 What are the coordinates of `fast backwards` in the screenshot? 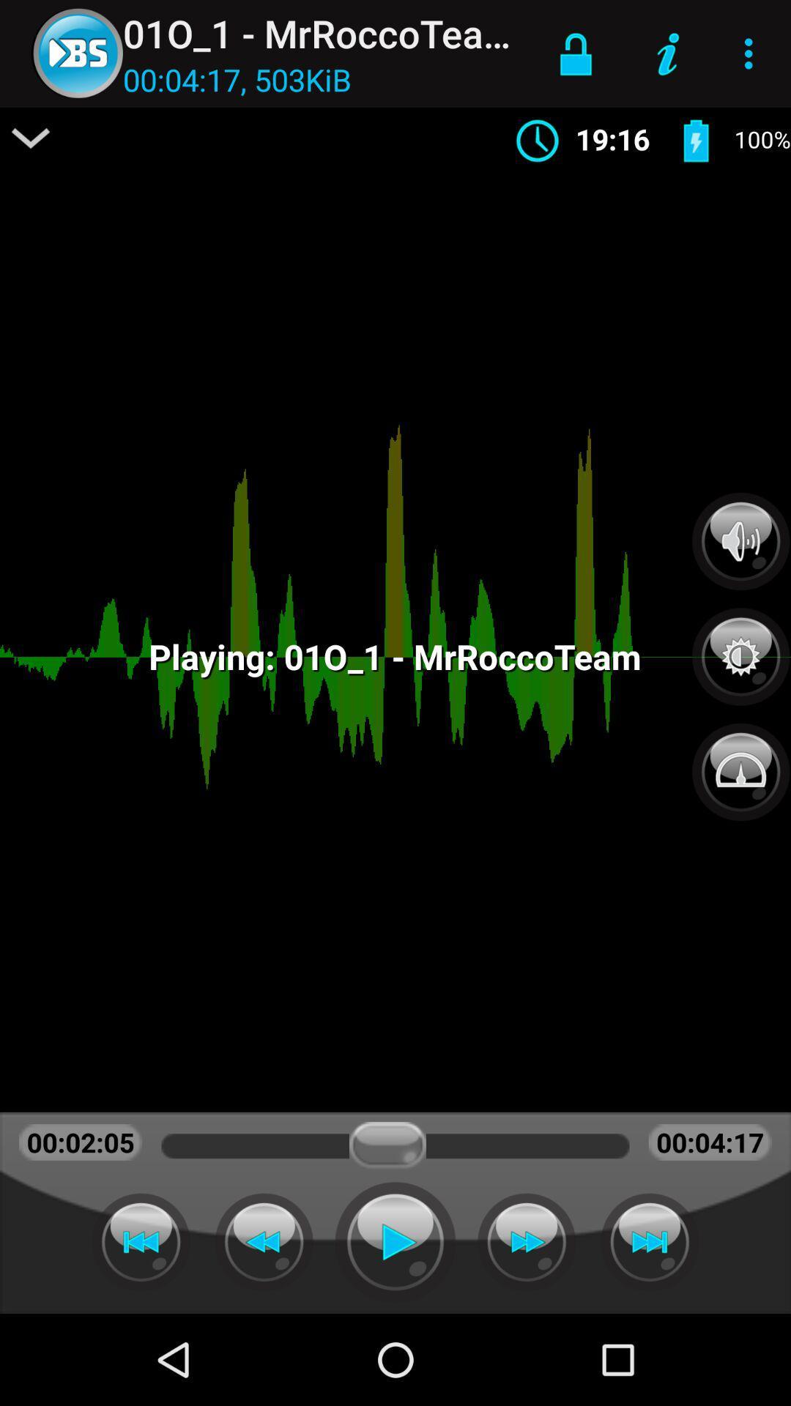 It's located at (264, 1241).